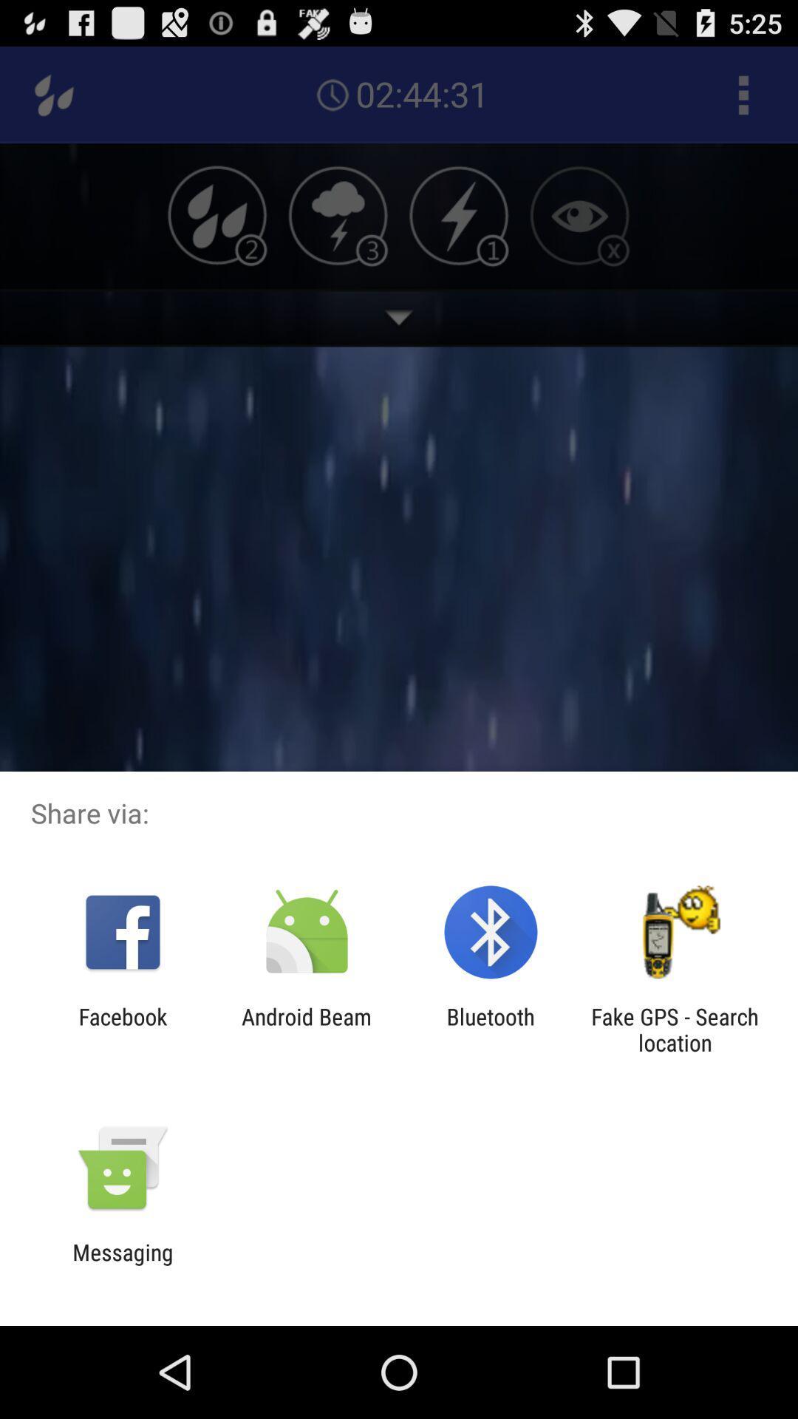 The image size is (798, 1419). Describe the element at coordinates (306, 1029) in the screenshot. I see `item next to the bluetooth app` at that location.